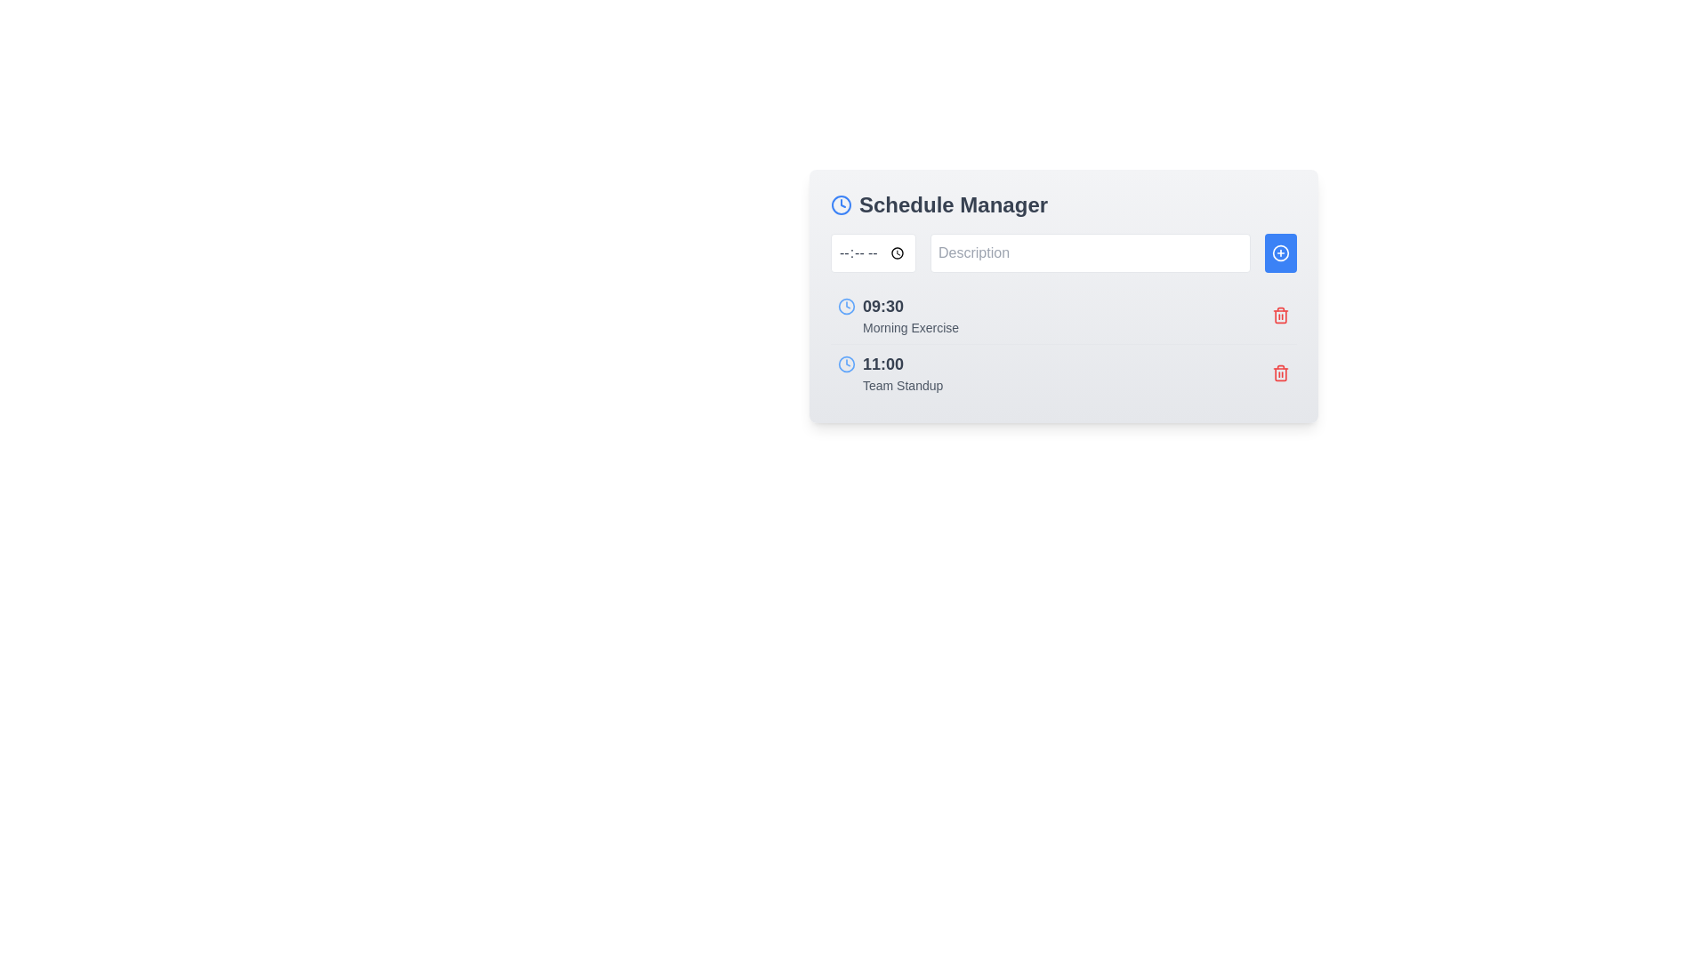 The width and height of the screenshot is (1708, 960). Describe the element at coordinates (845, 363) in the screenshot. I see `the clock-shaped icon with a blue circular outline located adjacent to the text '11:00' in the 'Schedule Manager' card layout` at that location.